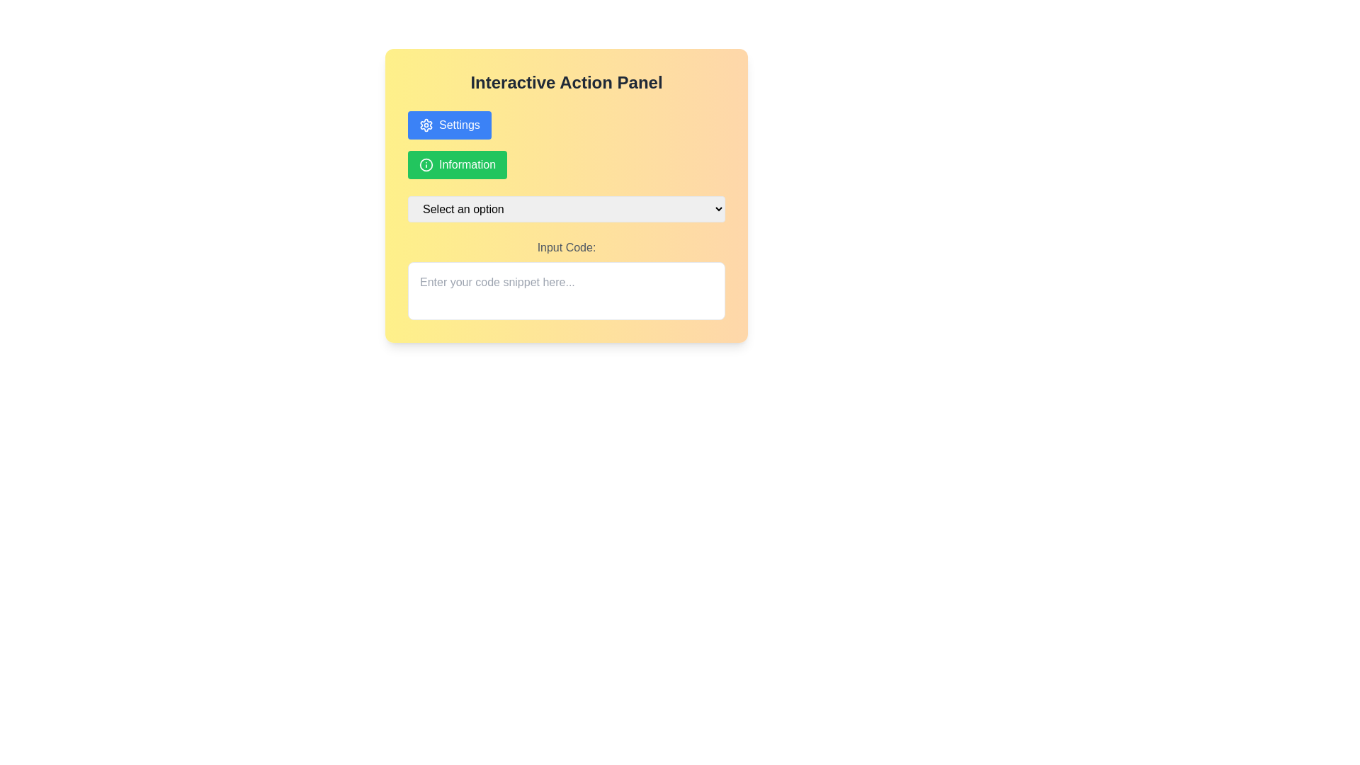 This screenshot has width=1360, height=765. I want to click on text 'Interactive Action Panel' from the text heading styled with large, bold font and dark gray color, located at the top-center of the brightly colored panel, so click(567, 82).